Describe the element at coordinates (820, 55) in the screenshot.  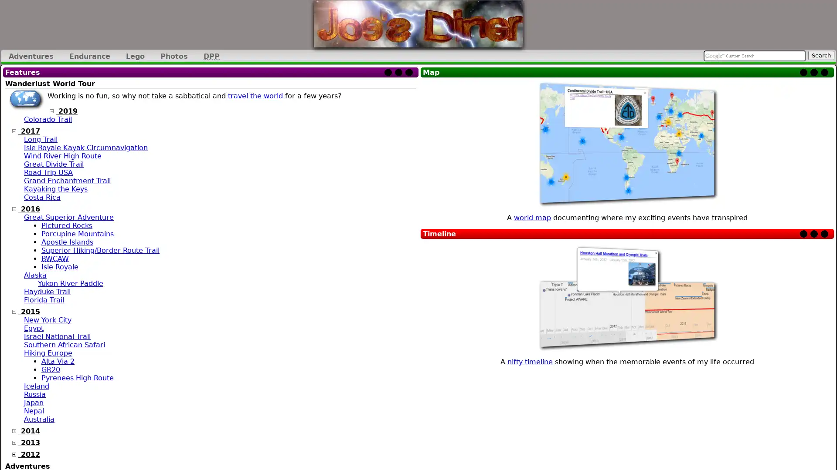
I see `Search` at that location.